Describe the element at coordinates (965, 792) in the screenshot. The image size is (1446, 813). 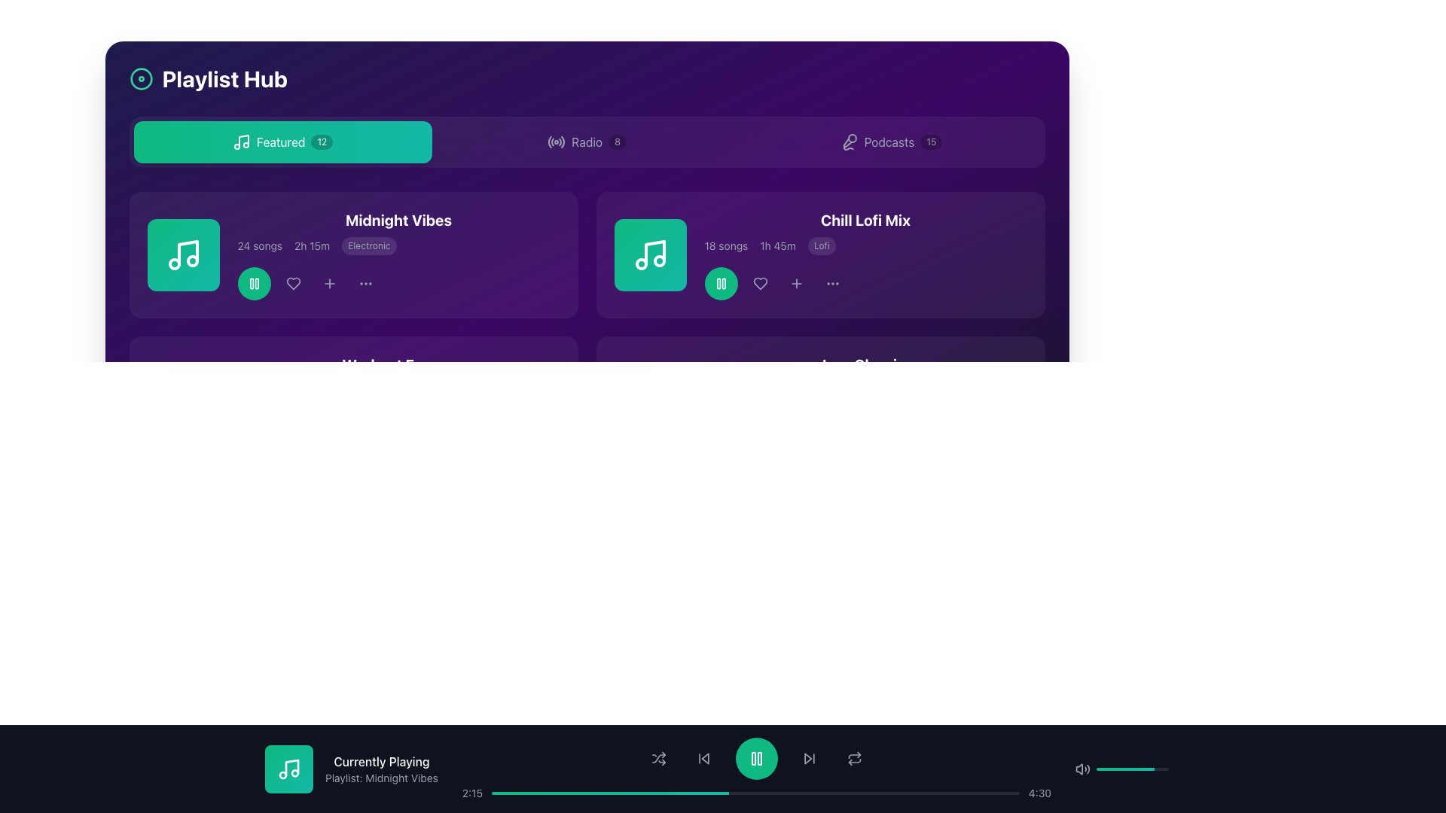
I see `playback time` at that location.